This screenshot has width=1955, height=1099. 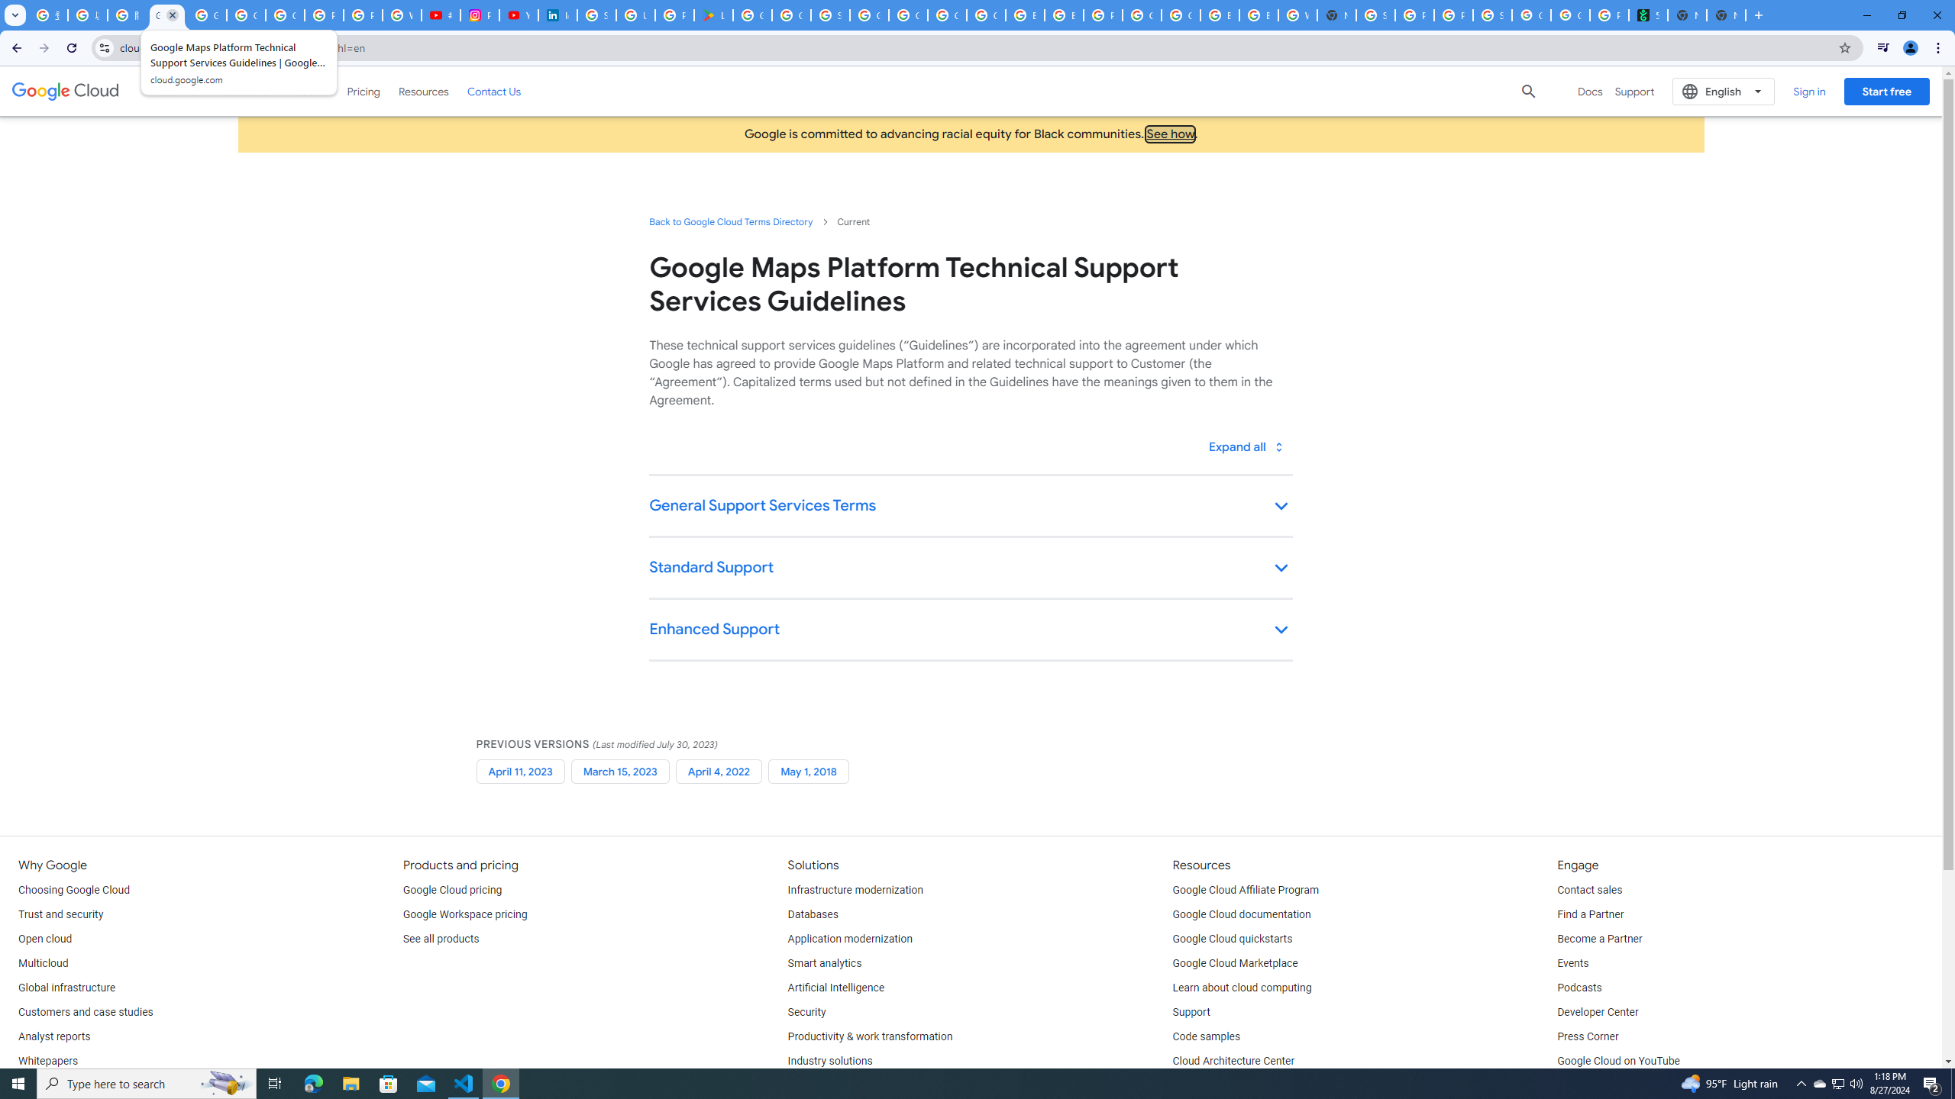 What do you see at coordinates (1572, 962) in the screenshot?
I see `'Events'` at bounding box center [1572, 962].